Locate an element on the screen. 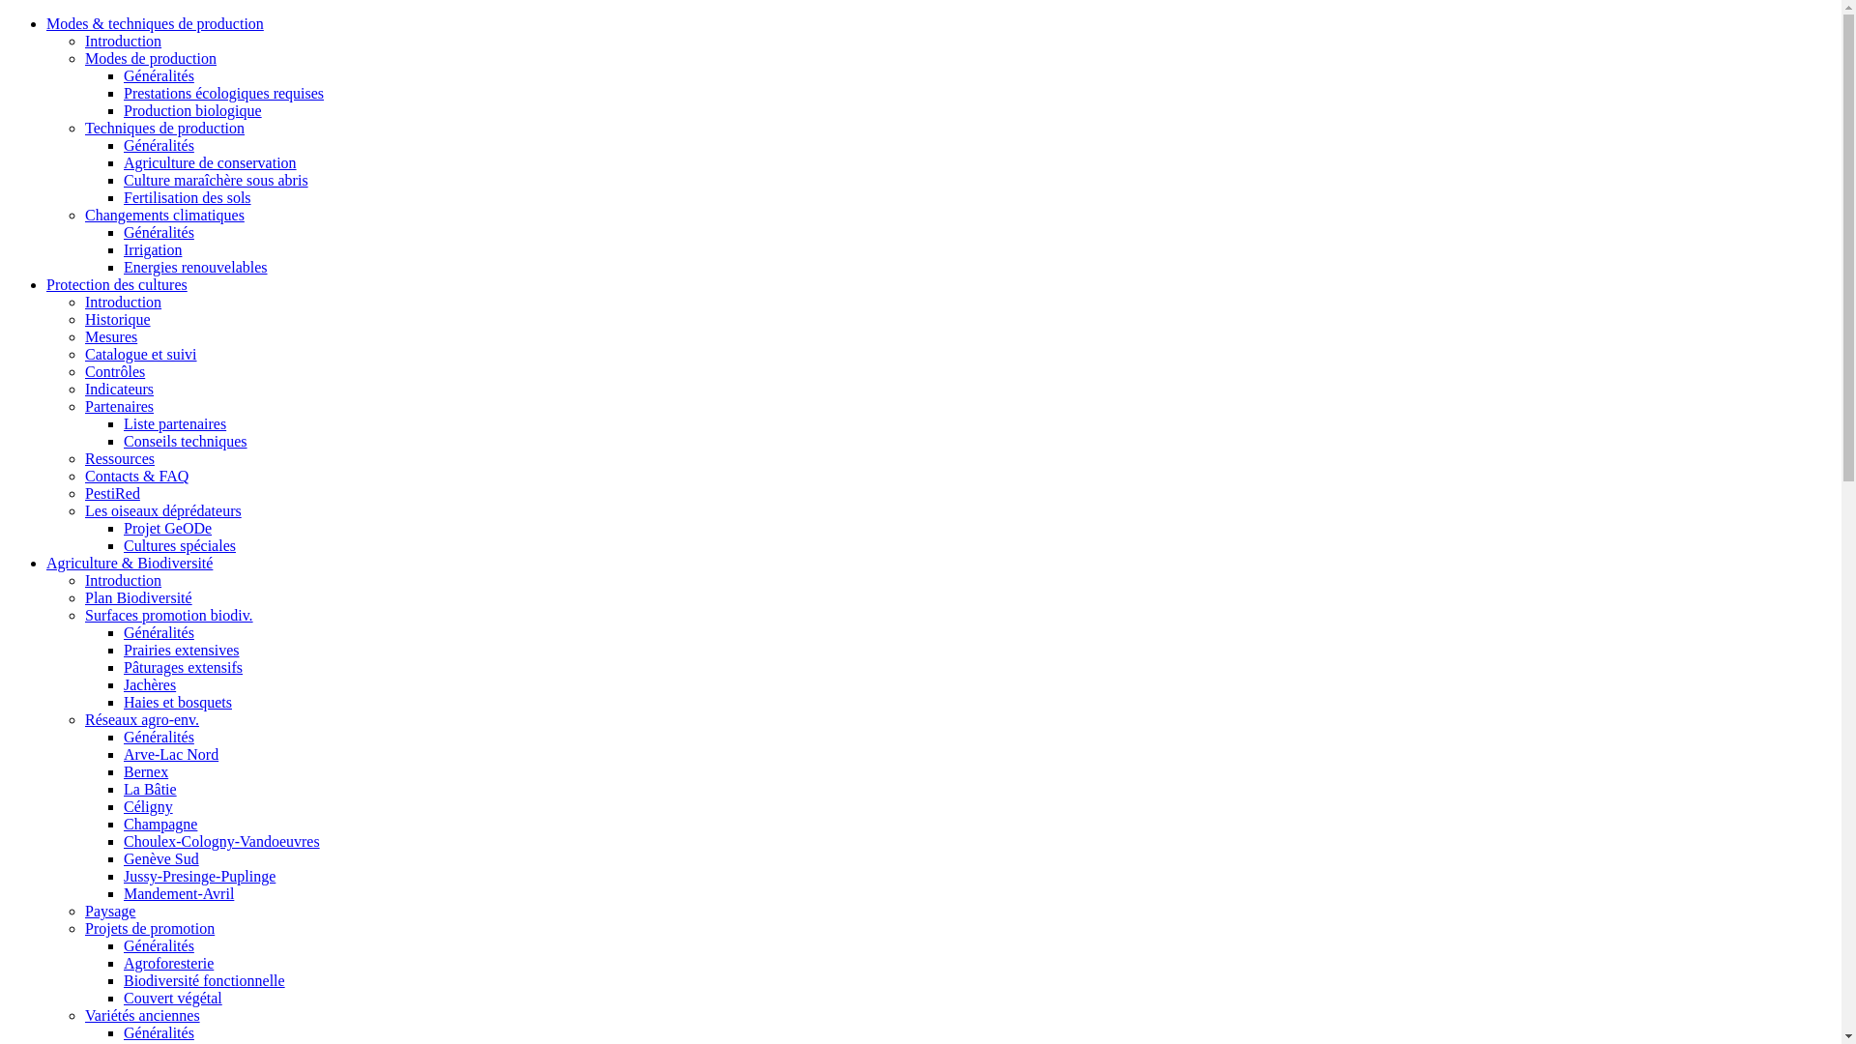 Image resolution: width=1856 pixels, height=1044 pixels. 'Production biologique' is located at coordinates (192, 110).